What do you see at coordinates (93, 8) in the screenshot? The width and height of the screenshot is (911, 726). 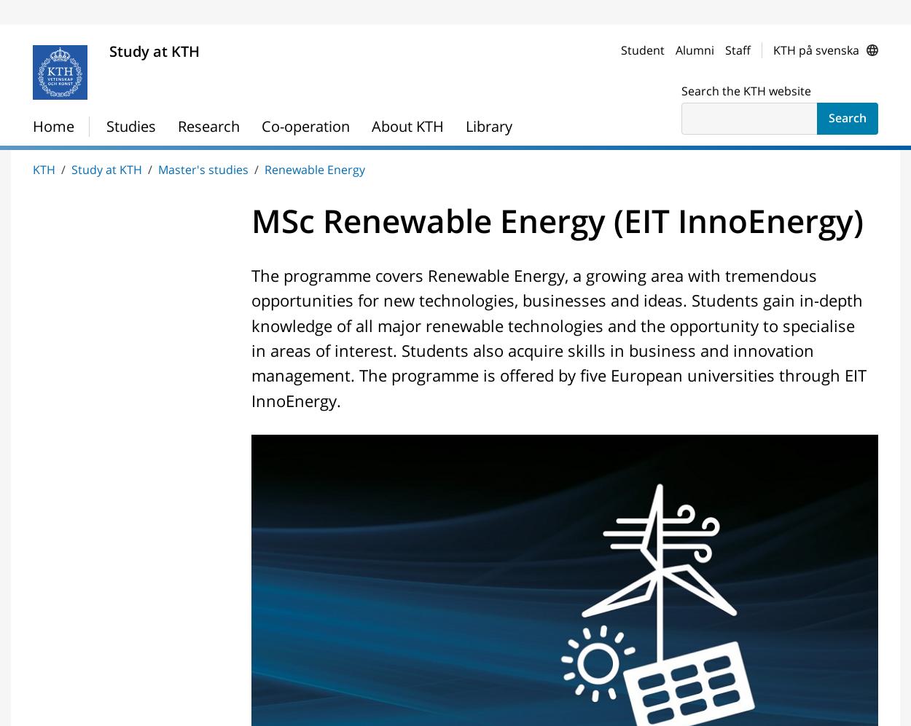 I see `'Master's studies'` at bounding box center [93, 8].